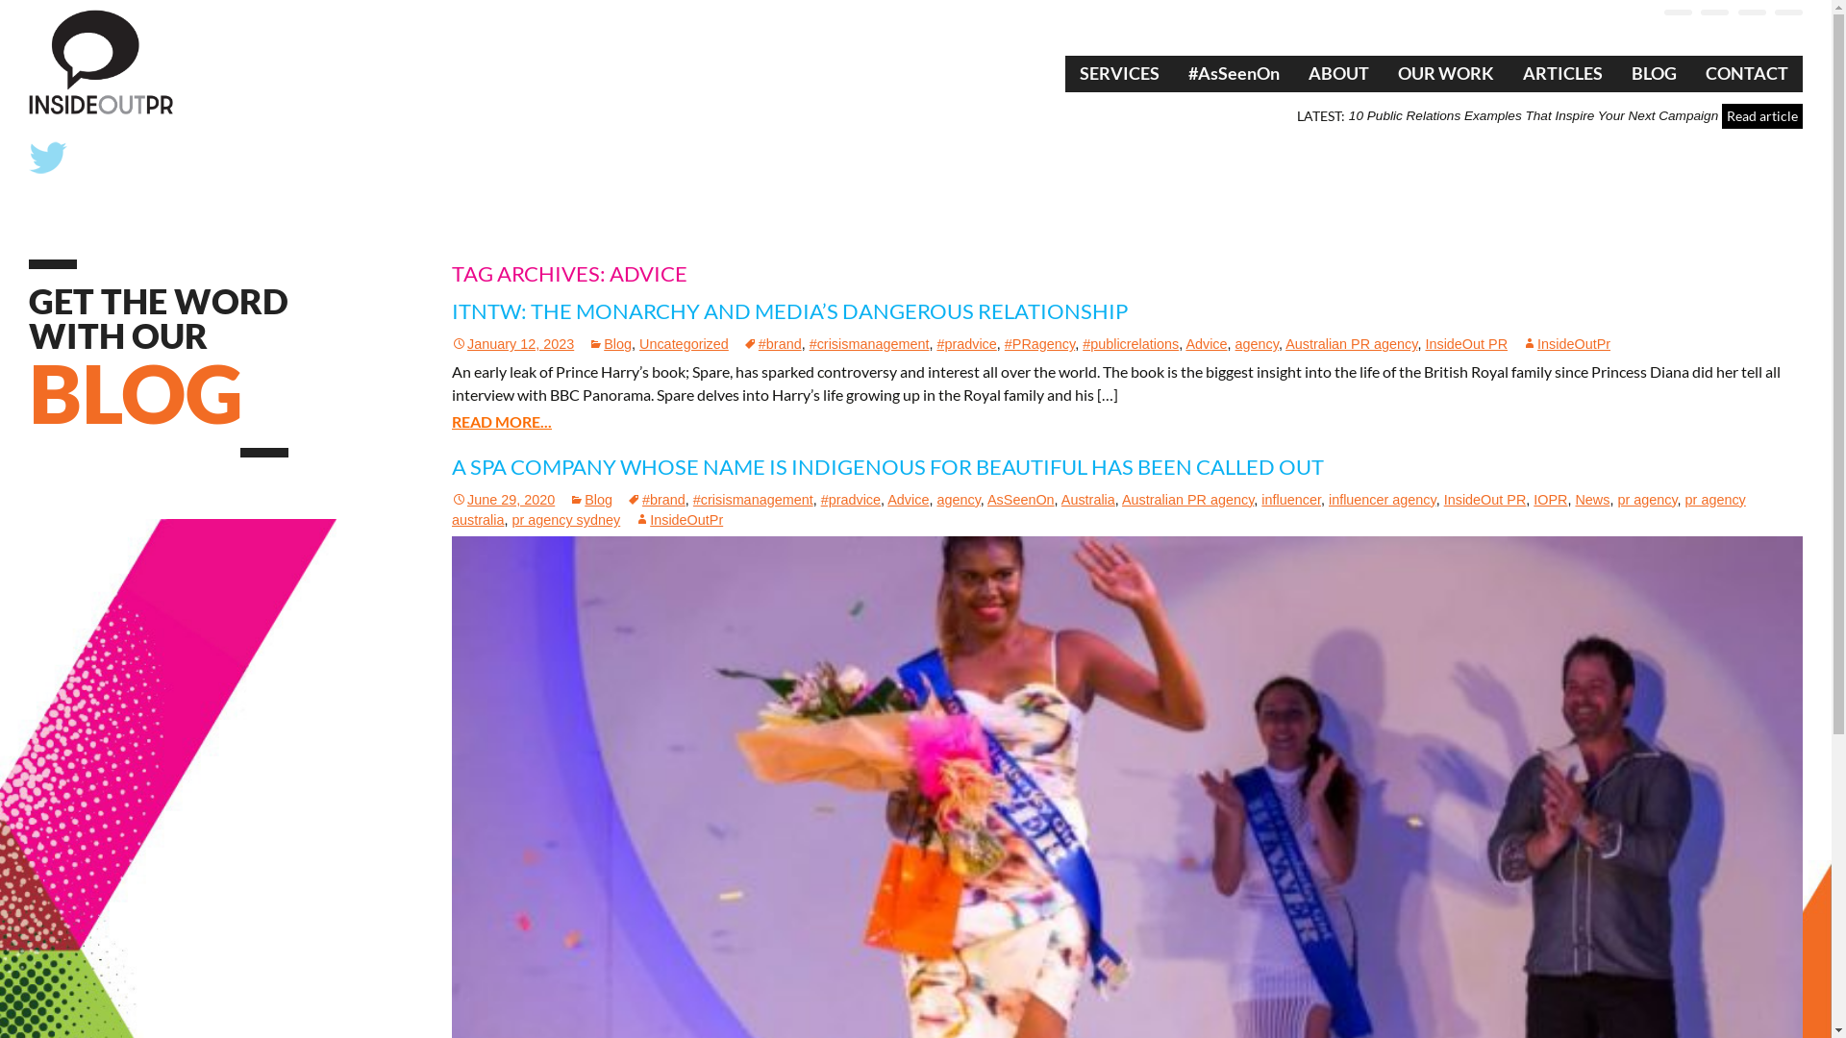  I want to click on 'ABOUT', so click(1337, 73).